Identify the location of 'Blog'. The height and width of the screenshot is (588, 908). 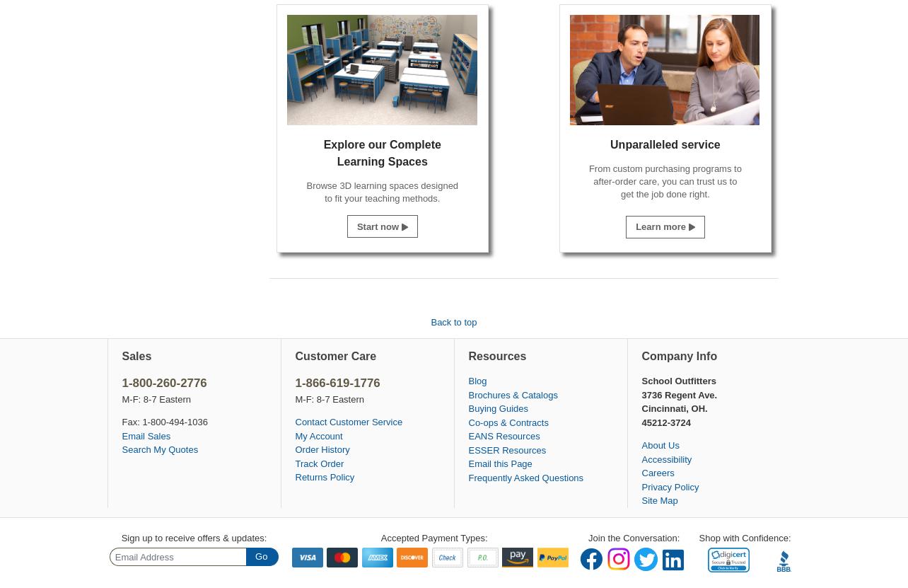
(477, 380).